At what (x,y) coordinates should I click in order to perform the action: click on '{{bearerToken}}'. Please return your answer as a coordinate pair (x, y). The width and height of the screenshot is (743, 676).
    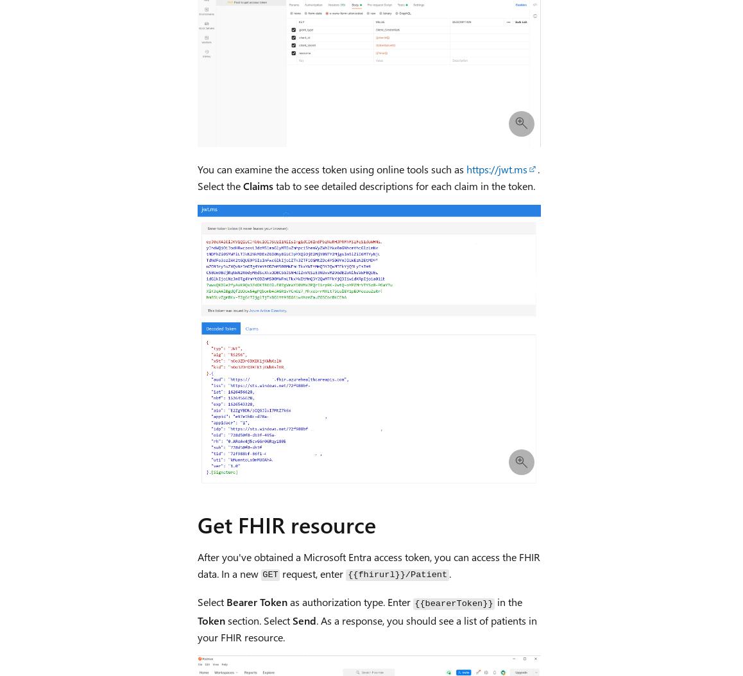
    Looking at the image, I should click on (452, 603).